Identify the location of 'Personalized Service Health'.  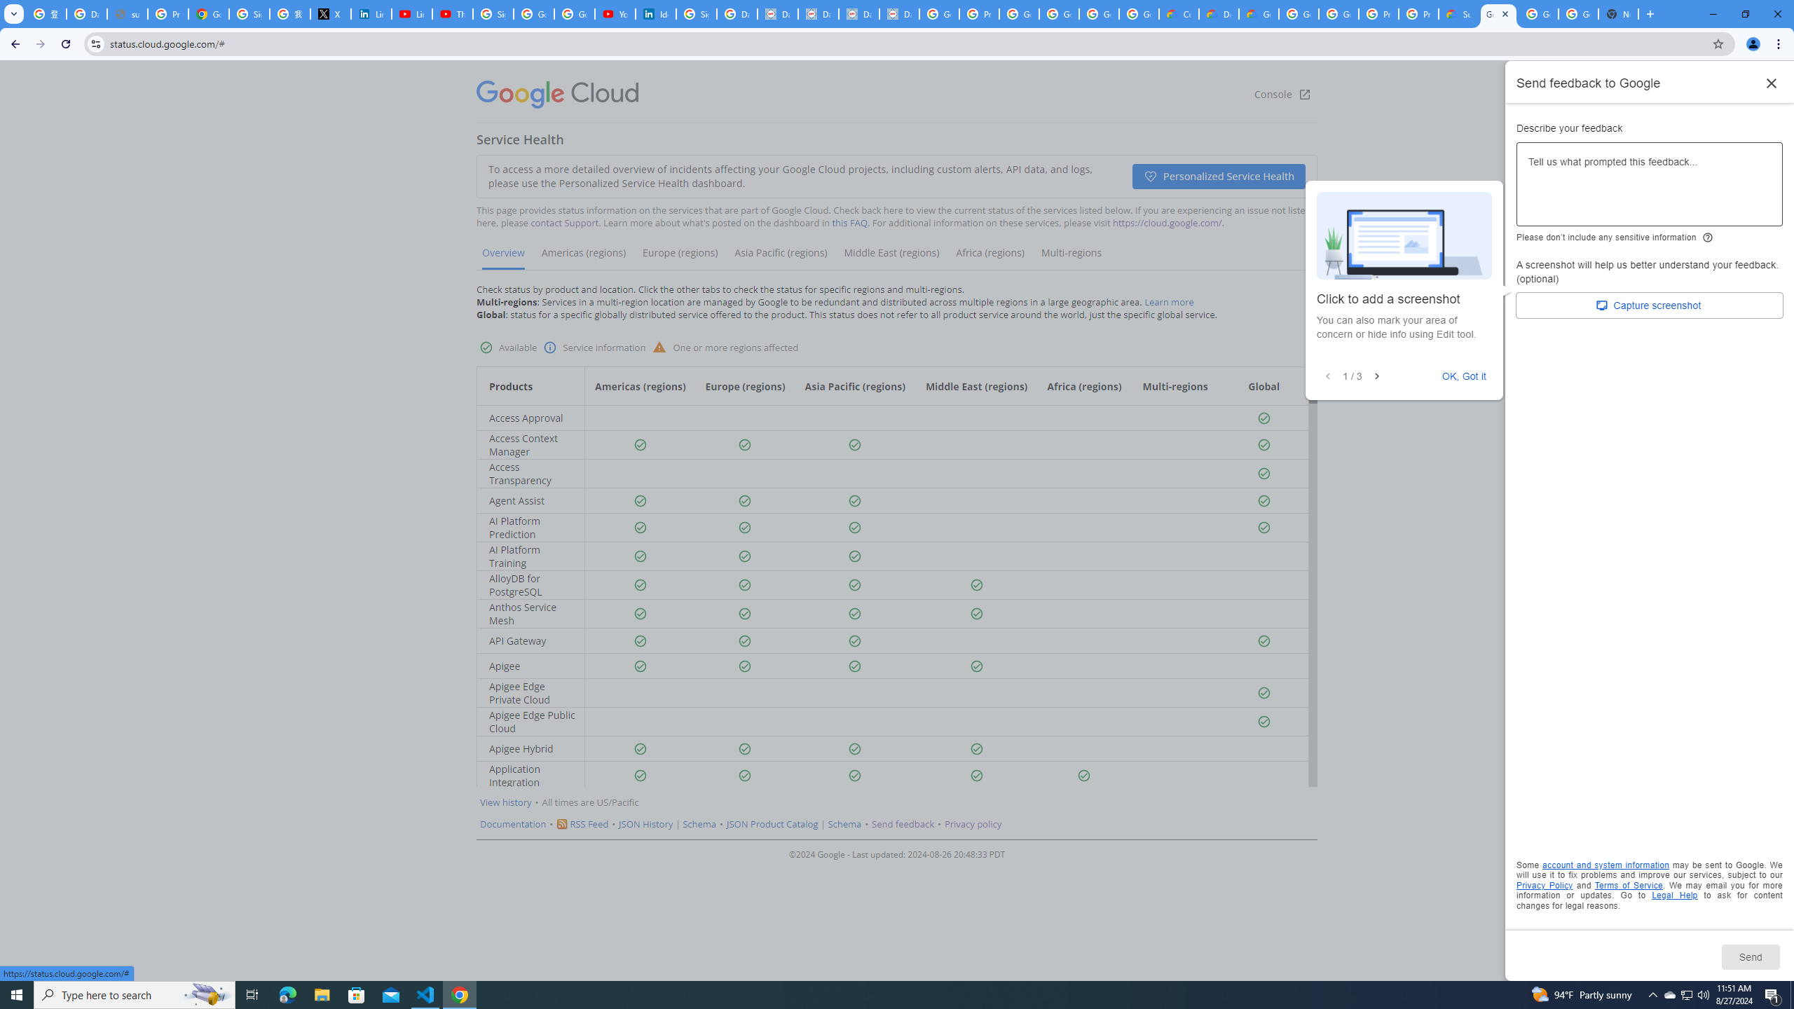
(1218, 175).